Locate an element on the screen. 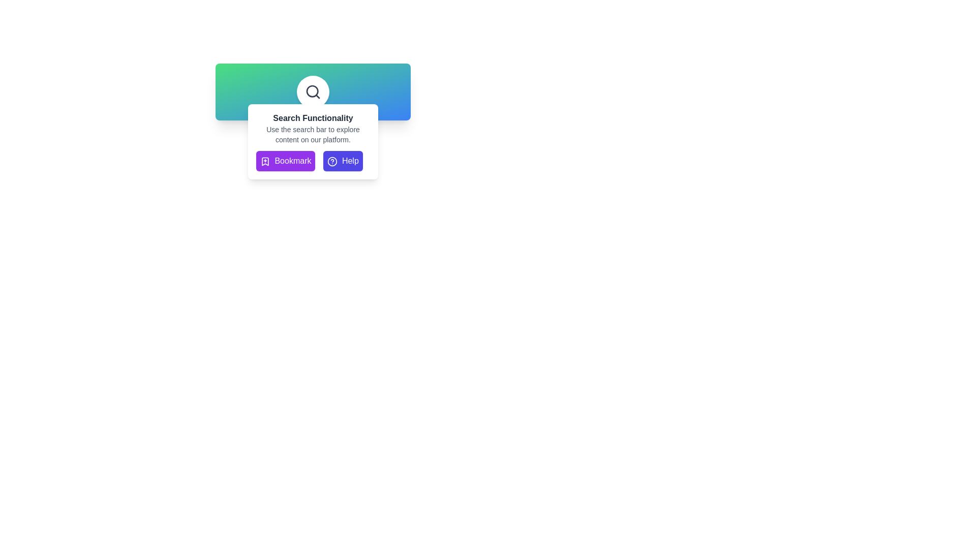 This screenshot has width=976, height=549. the help button located immediately to the right of the 'Bookmark' button at the bottom center of the 'Search Functionality' card is located at coordinates (343, 160).